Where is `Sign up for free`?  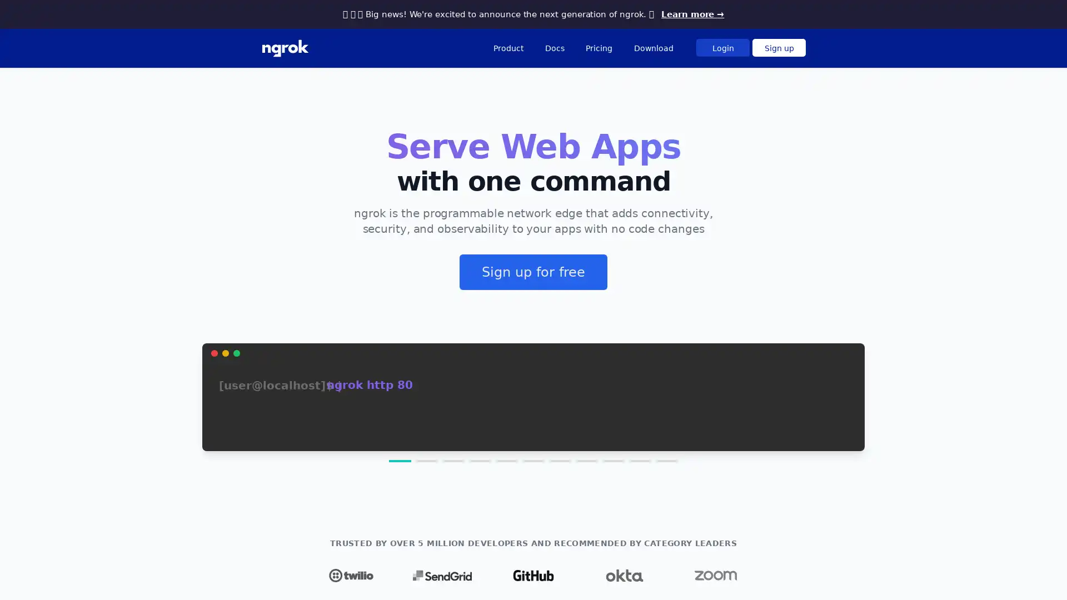 Sign up for free is located at coordinates (533, 272).